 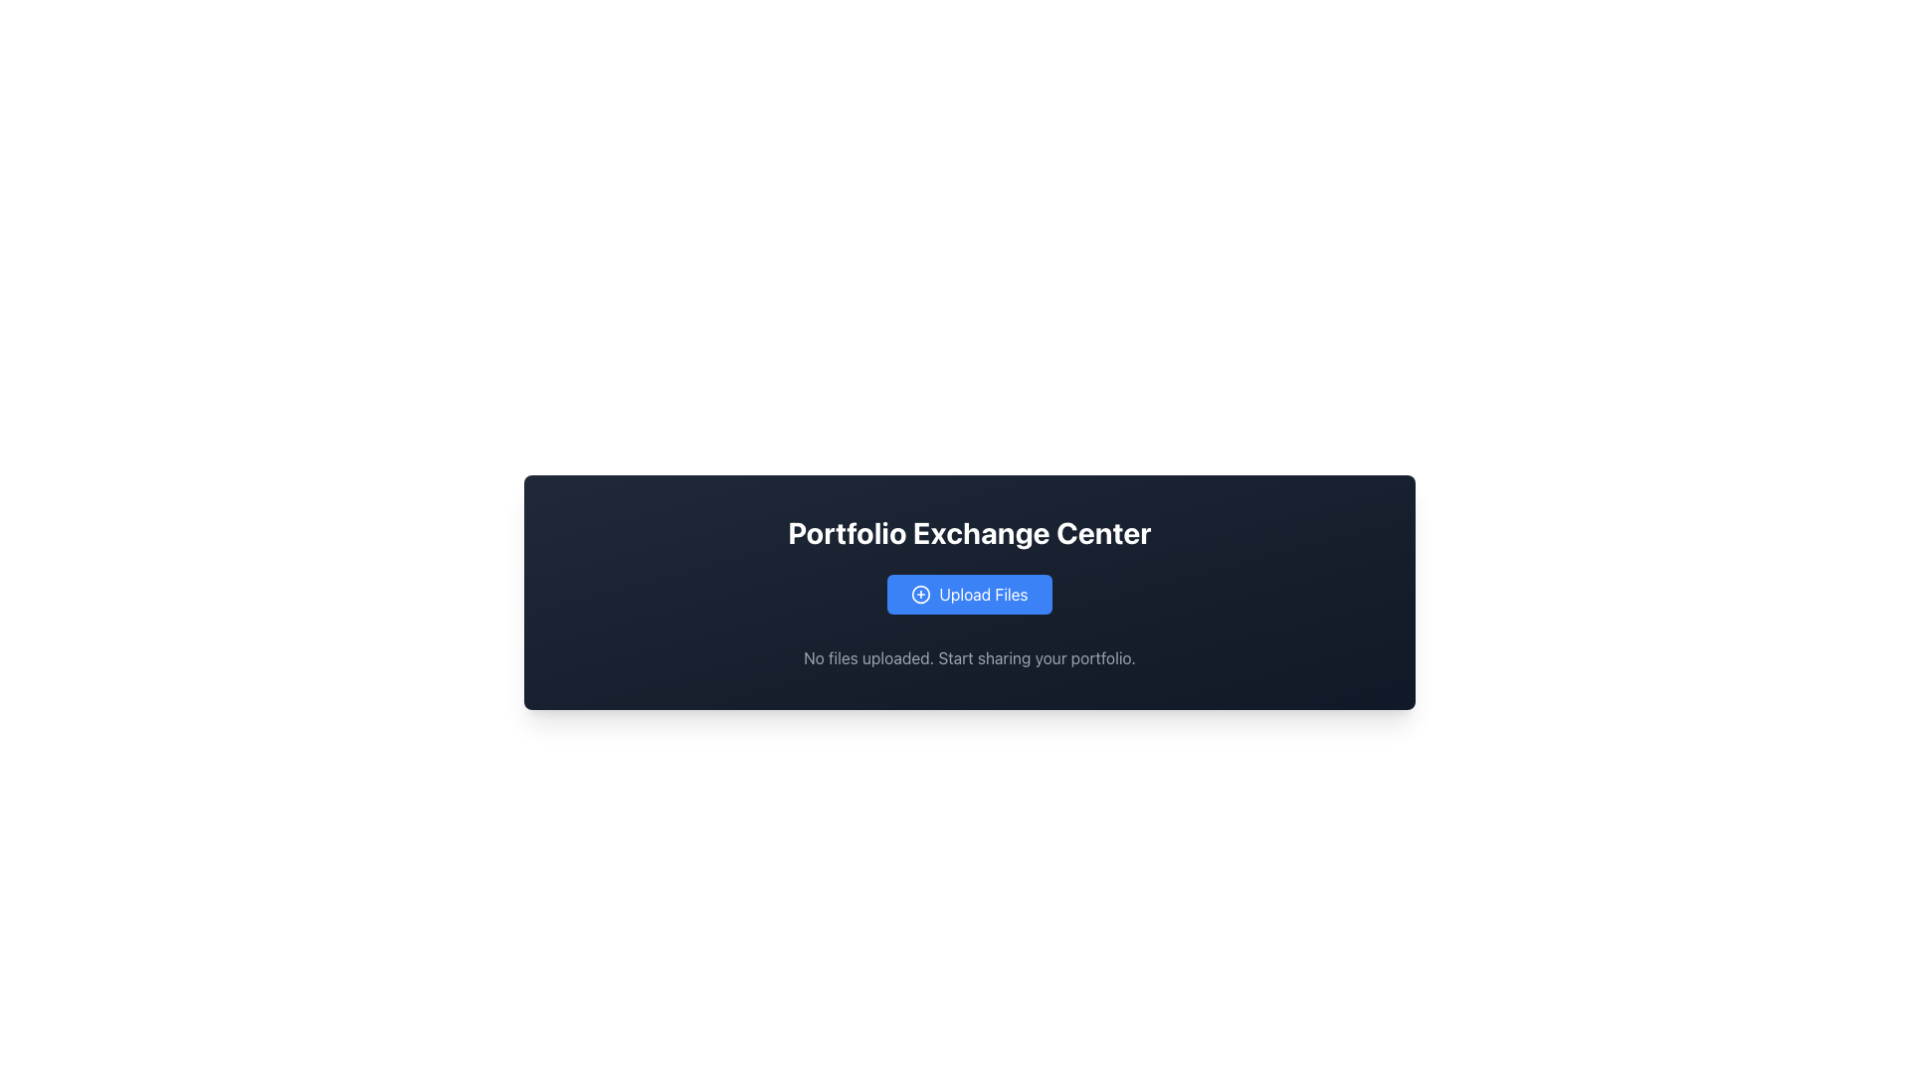 I want to click on the blue button labeled 'Upload Files' with a plus sign icon, so click(x=969, y=593).